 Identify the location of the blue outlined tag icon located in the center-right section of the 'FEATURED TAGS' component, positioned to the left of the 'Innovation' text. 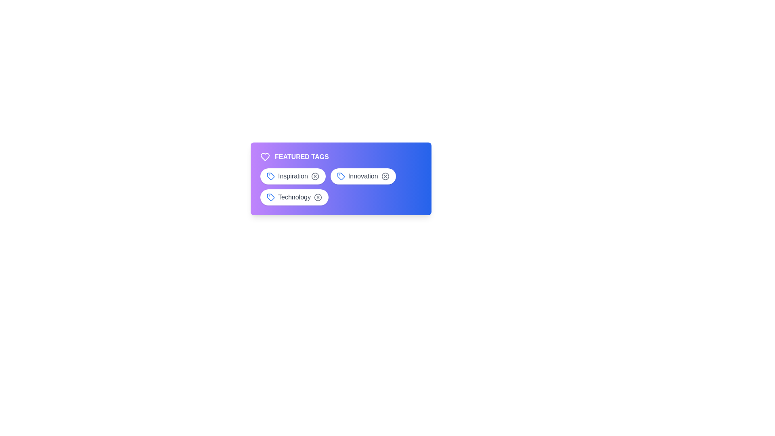
(341, 176).